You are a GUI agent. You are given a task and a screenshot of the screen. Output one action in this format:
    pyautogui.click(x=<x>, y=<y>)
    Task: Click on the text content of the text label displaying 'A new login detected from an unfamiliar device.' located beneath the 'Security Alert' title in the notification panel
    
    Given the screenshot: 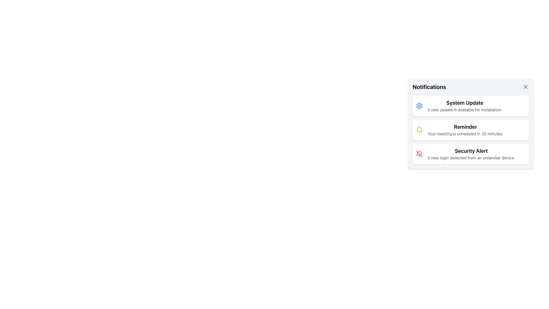 What is the action you would take?
    pyautogui.click(x=471, y=158)
    